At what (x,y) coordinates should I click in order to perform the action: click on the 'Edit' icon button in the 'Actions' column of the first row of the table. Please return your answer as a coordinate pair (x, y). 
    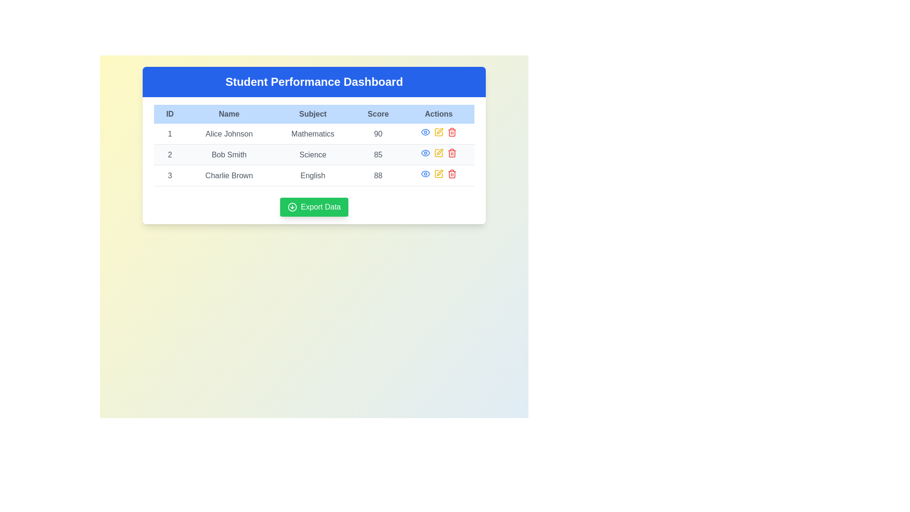
    Looking at the image, I should click on (439, 131).